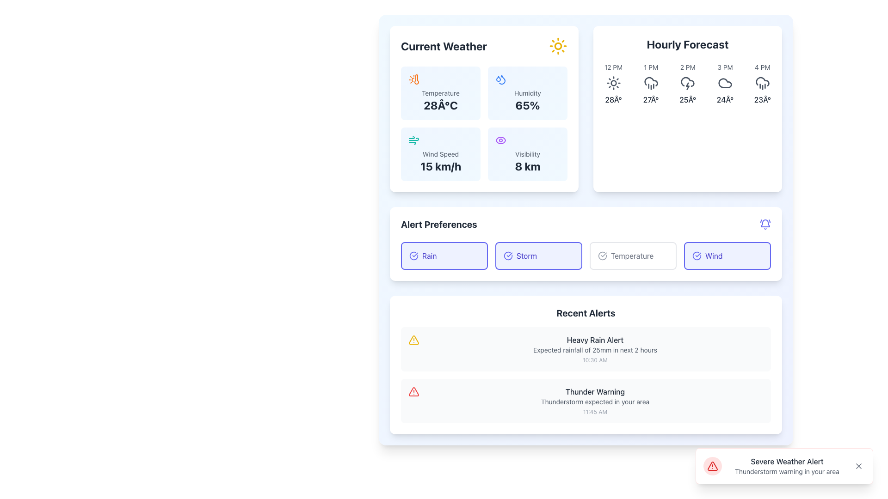  What do you see at coordinates (713, 256) in the screenshot?
I see `label displaying the word 'Wind' located inside a button in the 'Alert Preferences' section, positioned to the right of the 'Temperature' button` at bounding box center [713, 256].